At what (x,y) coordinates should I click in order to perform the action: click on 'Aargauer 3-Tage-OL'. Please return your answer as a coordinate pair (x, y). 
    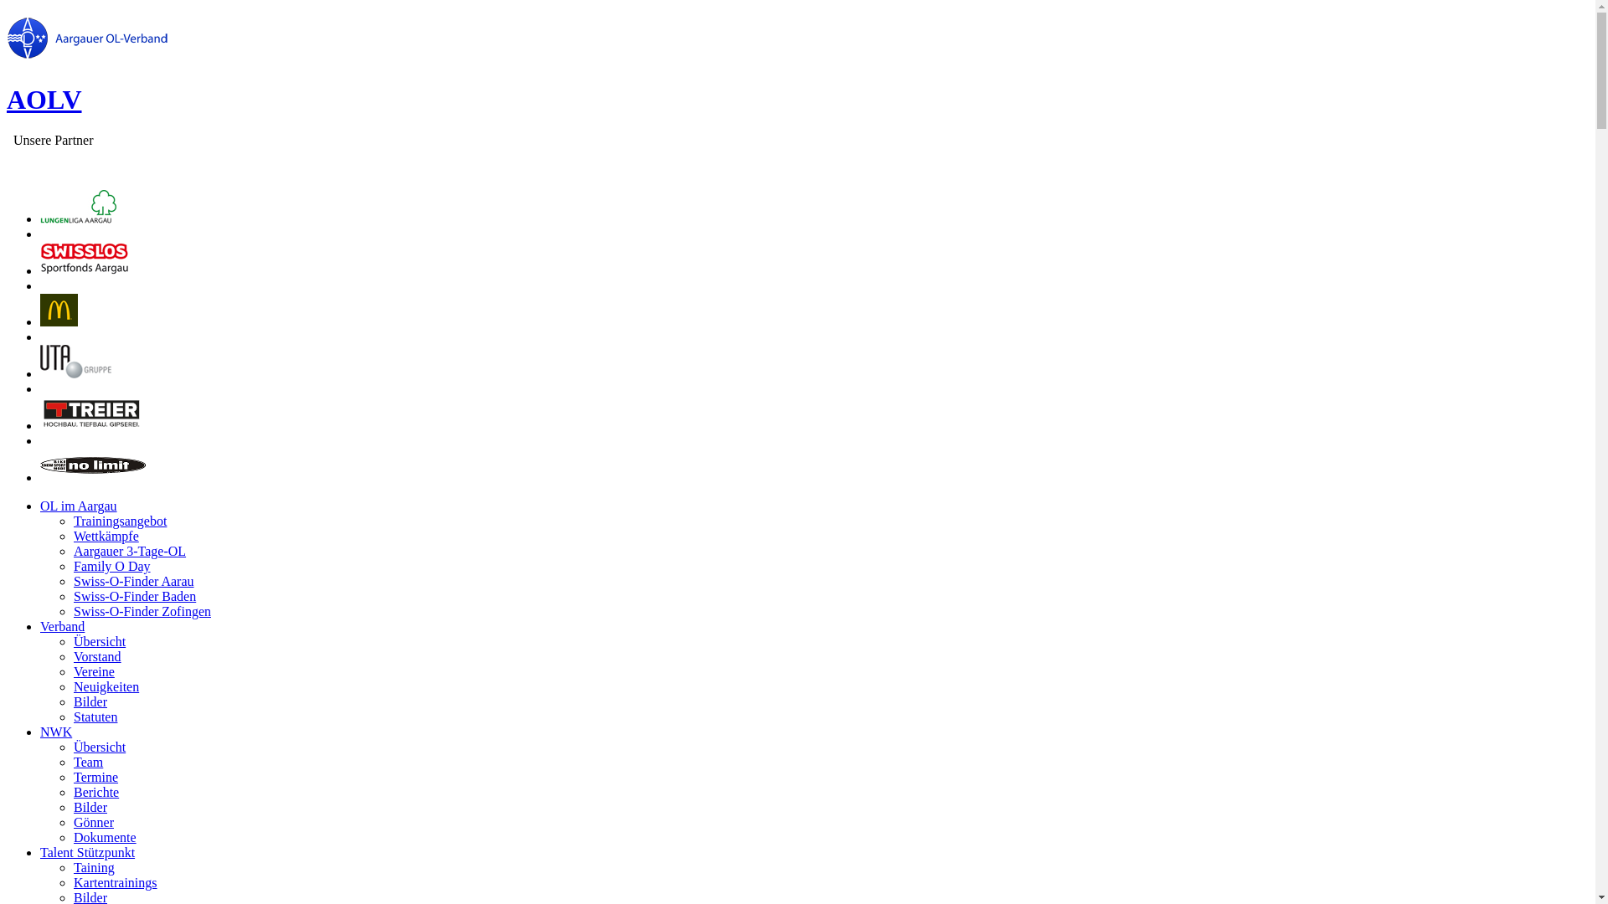
    Looking at the image, I should click on (128, 551).